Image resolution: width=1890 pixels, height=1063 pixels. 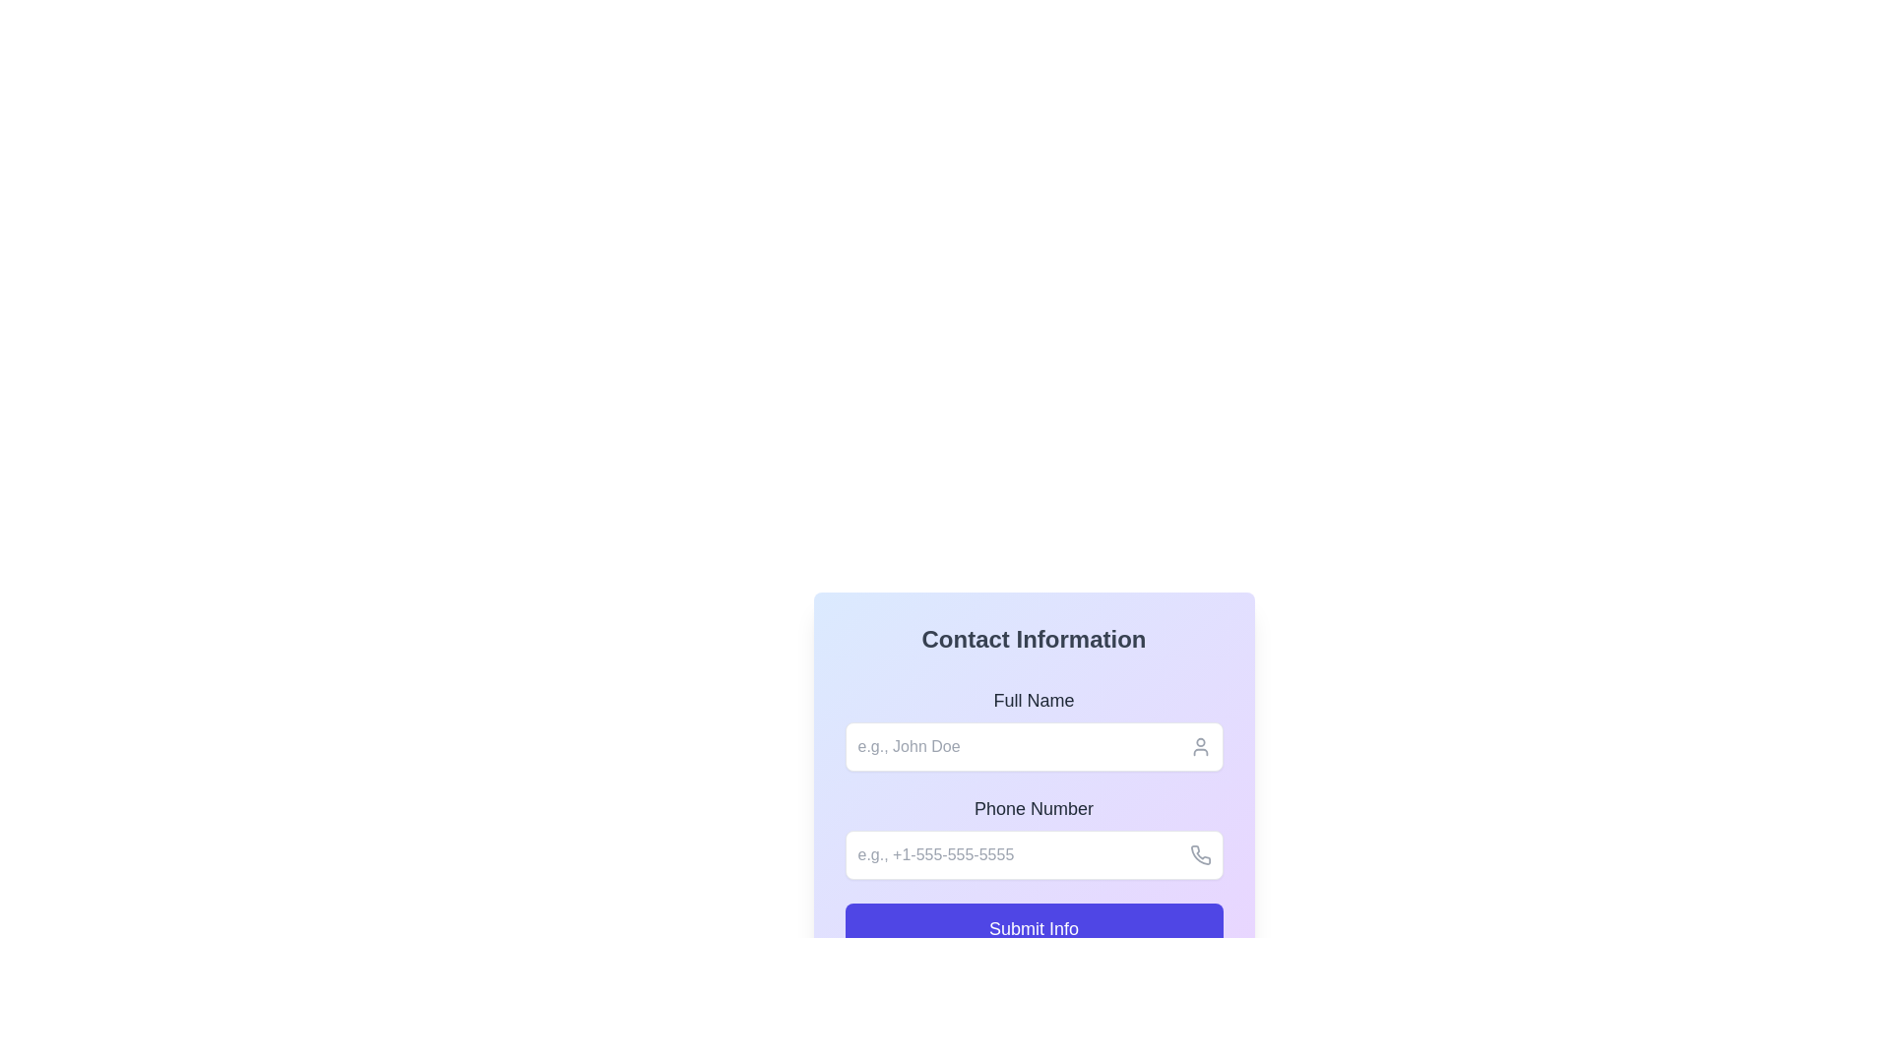 I want to click on the 'Phone Number' label, which is a dark gray text label positioned above the phone number input field, so click(x=1033, y=808).